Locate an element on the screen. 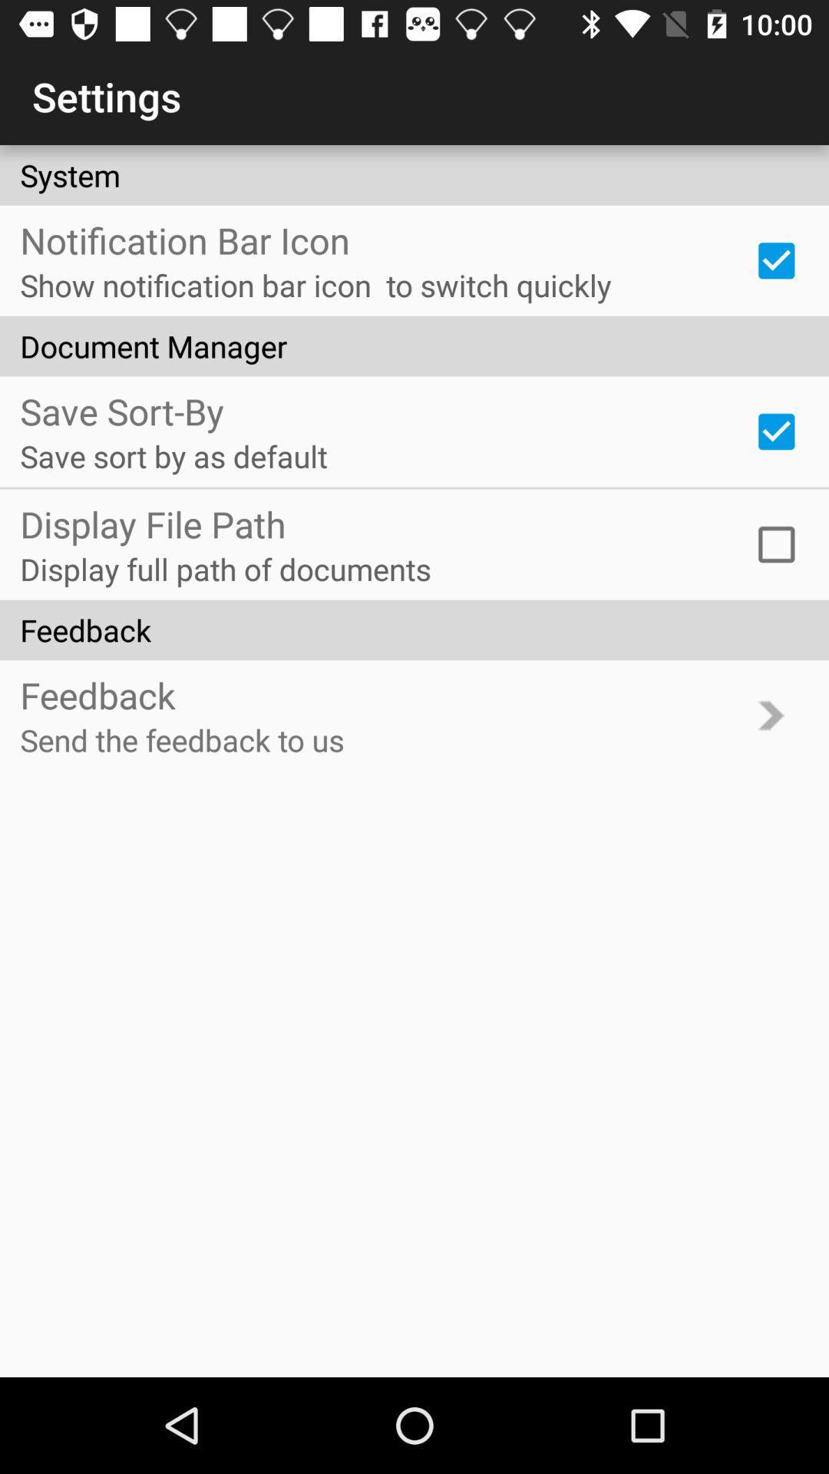  item below document manager is located at coordinates (776, 431).